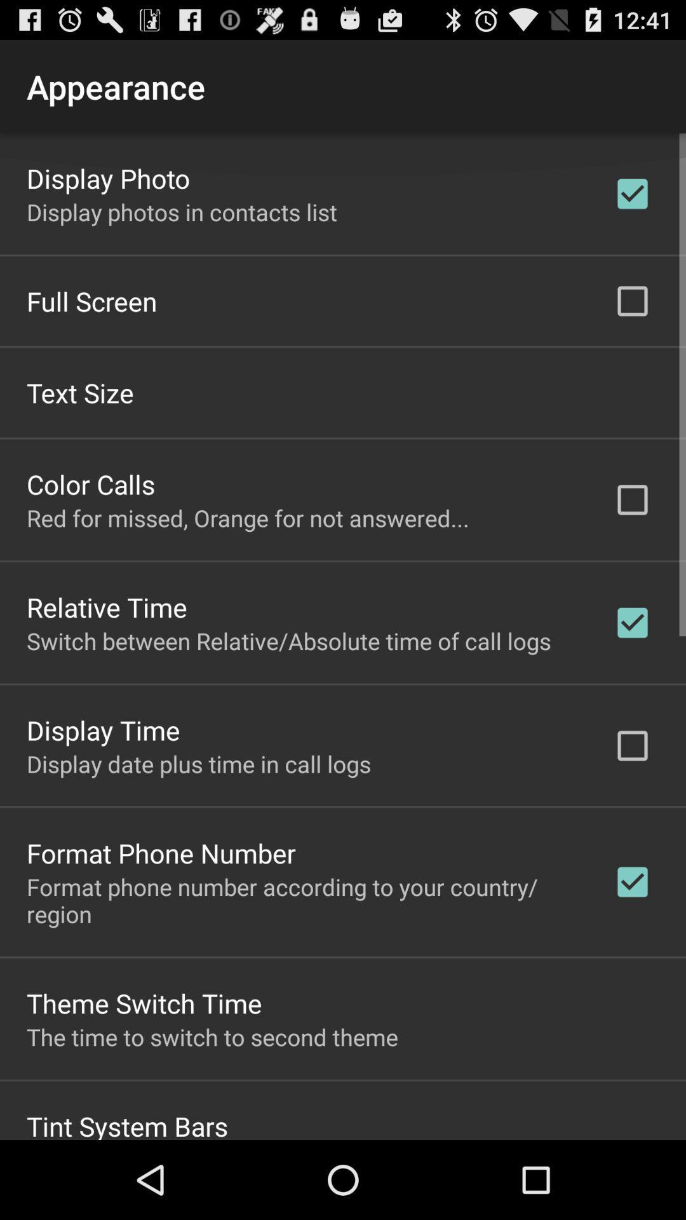 This screenshot has width=686, height=1220. Describe the element at coordinates (288, 640) in the screenshot. I see `the item above display time icon` at that location.